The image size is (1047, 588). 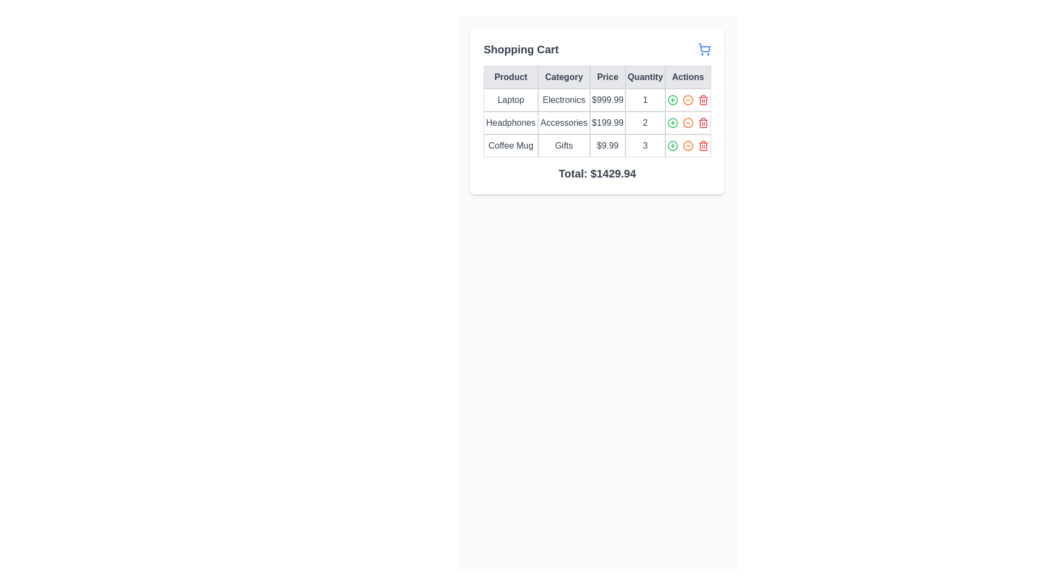 What do you see at coordinates (687, 100) in the screenshot?
I see `the circular part of the minus sign icon in the 'Actions' column corresponding to the 'Coffee Mug' product to decrement its quantity in the shopping cart` at bounding box center [687, 100].